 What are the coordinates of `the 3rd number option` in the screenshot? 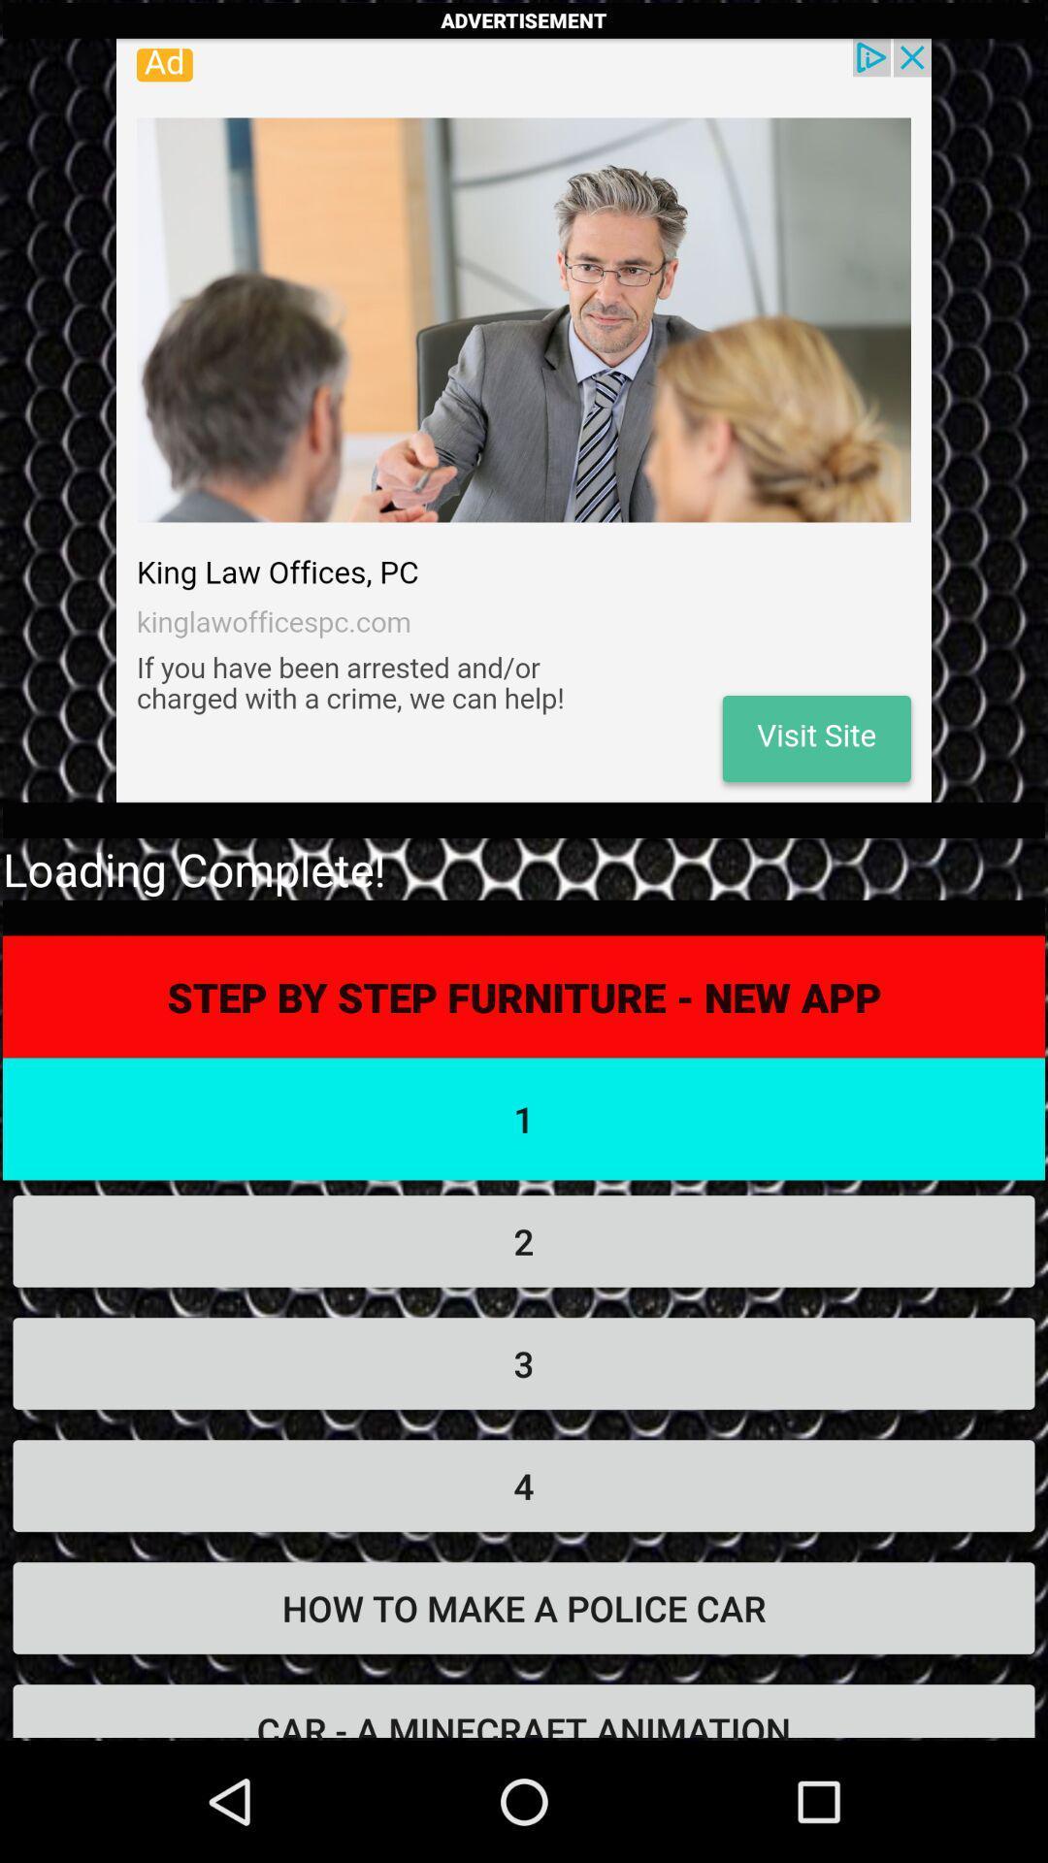 It's located at (524, 1363).